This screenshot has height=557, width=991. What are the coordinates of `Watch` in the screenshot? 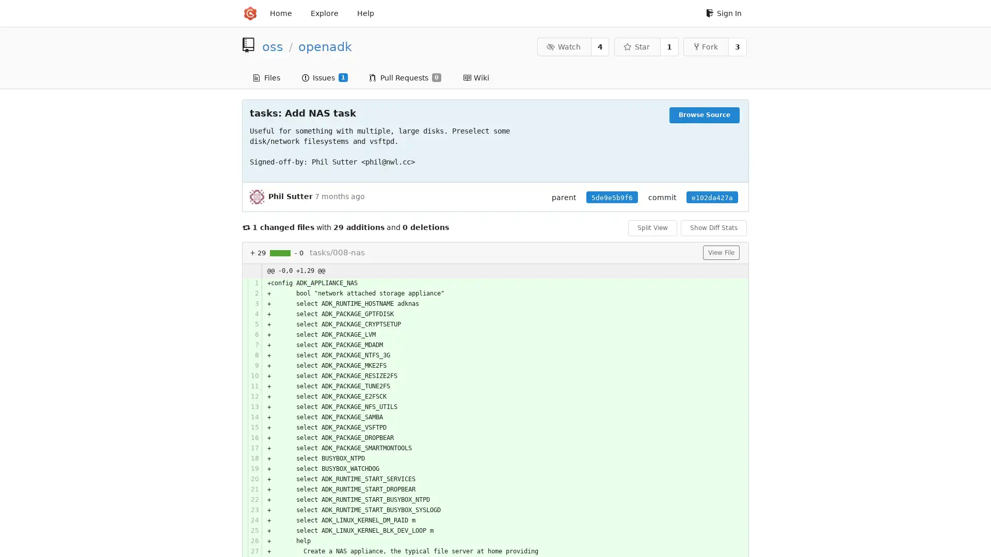 It's located at (564, 47).